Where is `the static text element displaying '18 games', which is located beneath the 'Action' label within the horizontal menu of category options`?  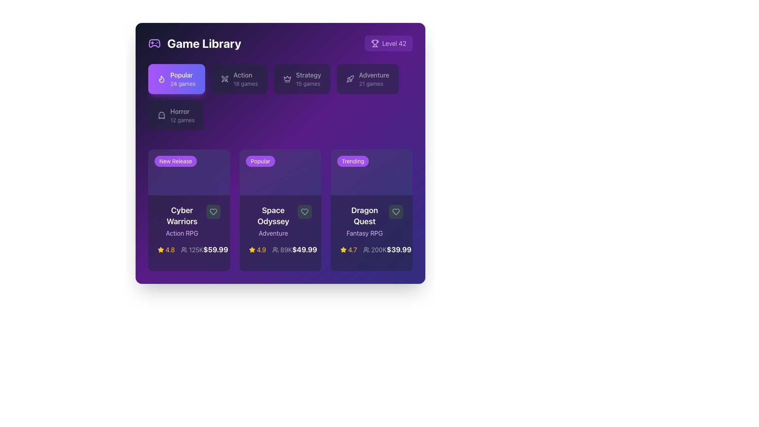
the static text element displaying '18 games', which is located beneath the 'Action' label within the horizontal menu of category options is located at coordinates (245, 84).